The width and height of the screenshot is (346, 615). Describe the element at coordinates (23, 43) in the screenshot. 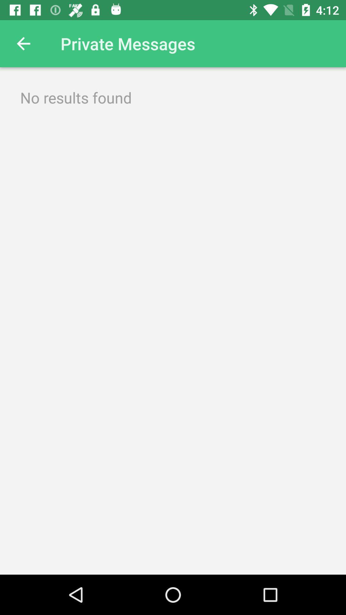

I see `the item above the no results found item` at that location.